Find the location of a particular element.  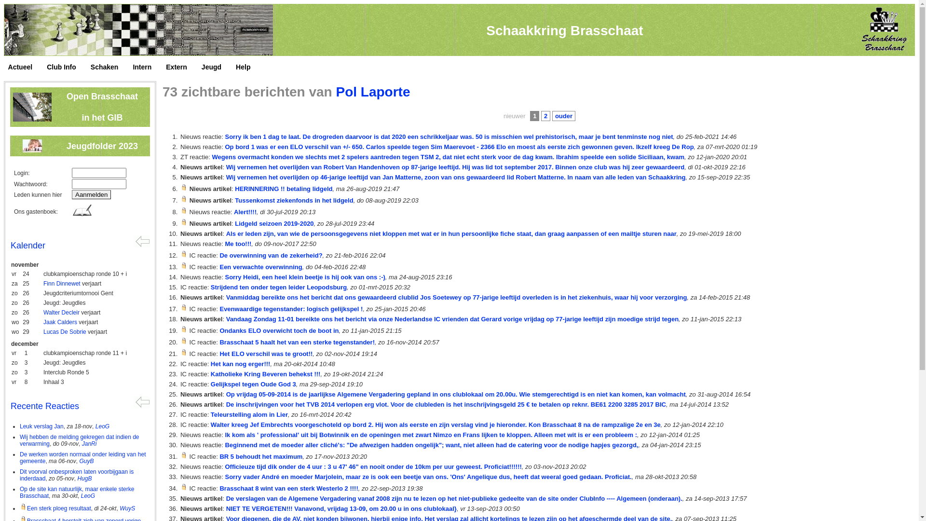

'Me too!!!' is located at coordinates (238, 243).